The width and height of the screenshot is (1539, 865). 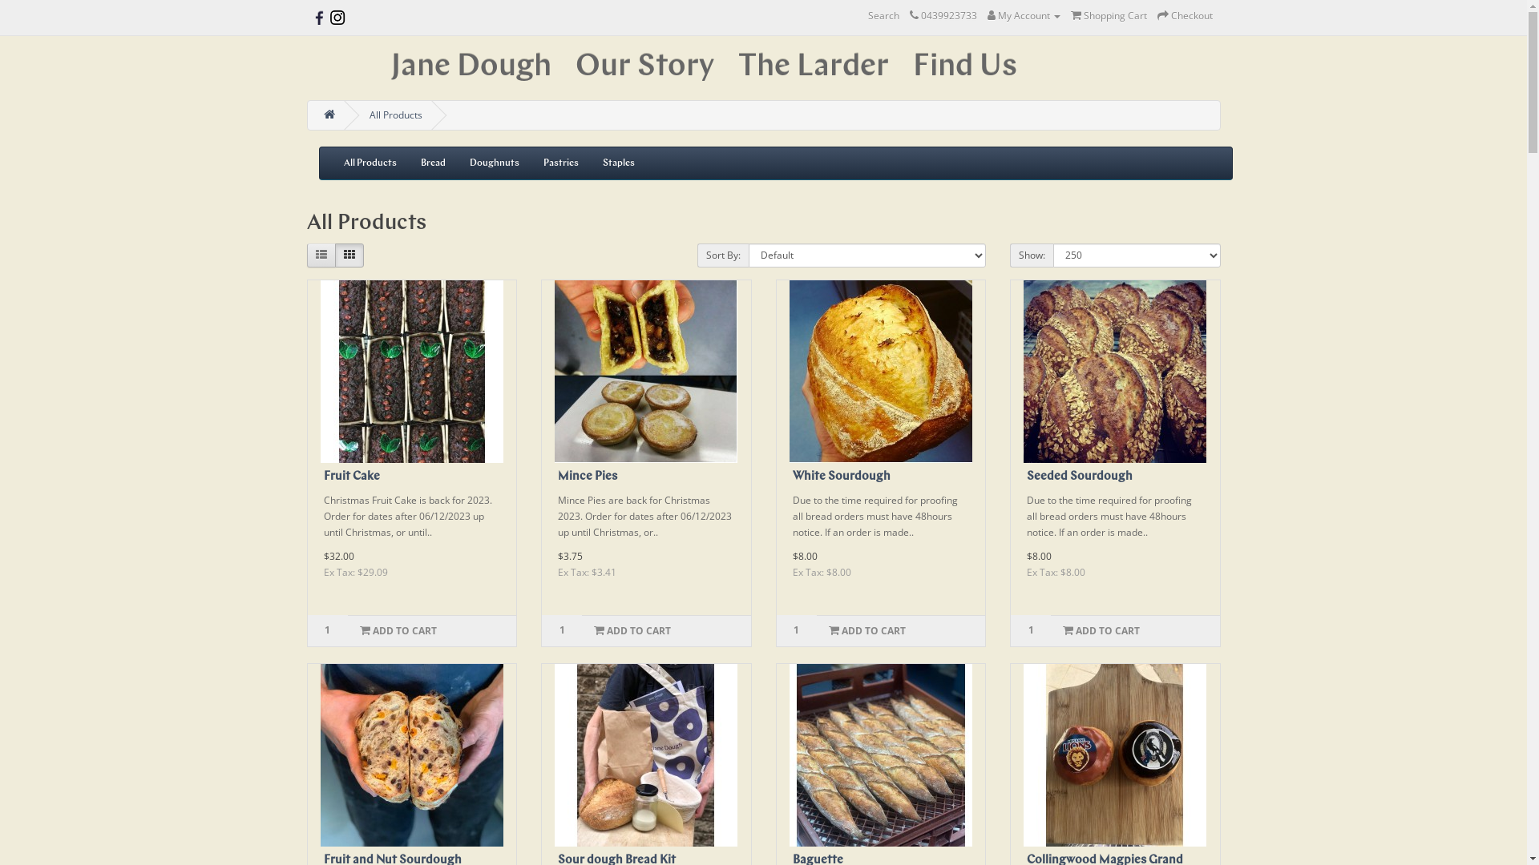 What do you see at coordinates (882, 15) in the screenshot?
I see `'Search'` at bounding box center [882, 15].